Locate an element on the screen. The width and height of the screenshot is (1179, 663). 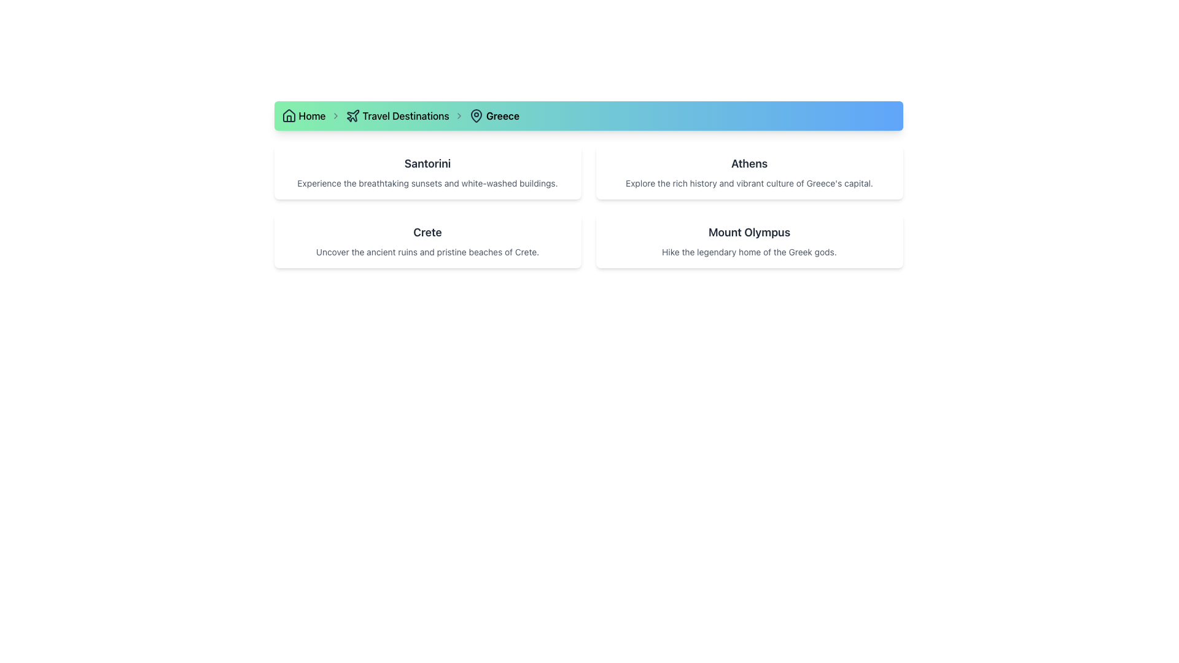
the 'Home' icon in the navigation breadcrumb bar is located at coordinates (288, 116).